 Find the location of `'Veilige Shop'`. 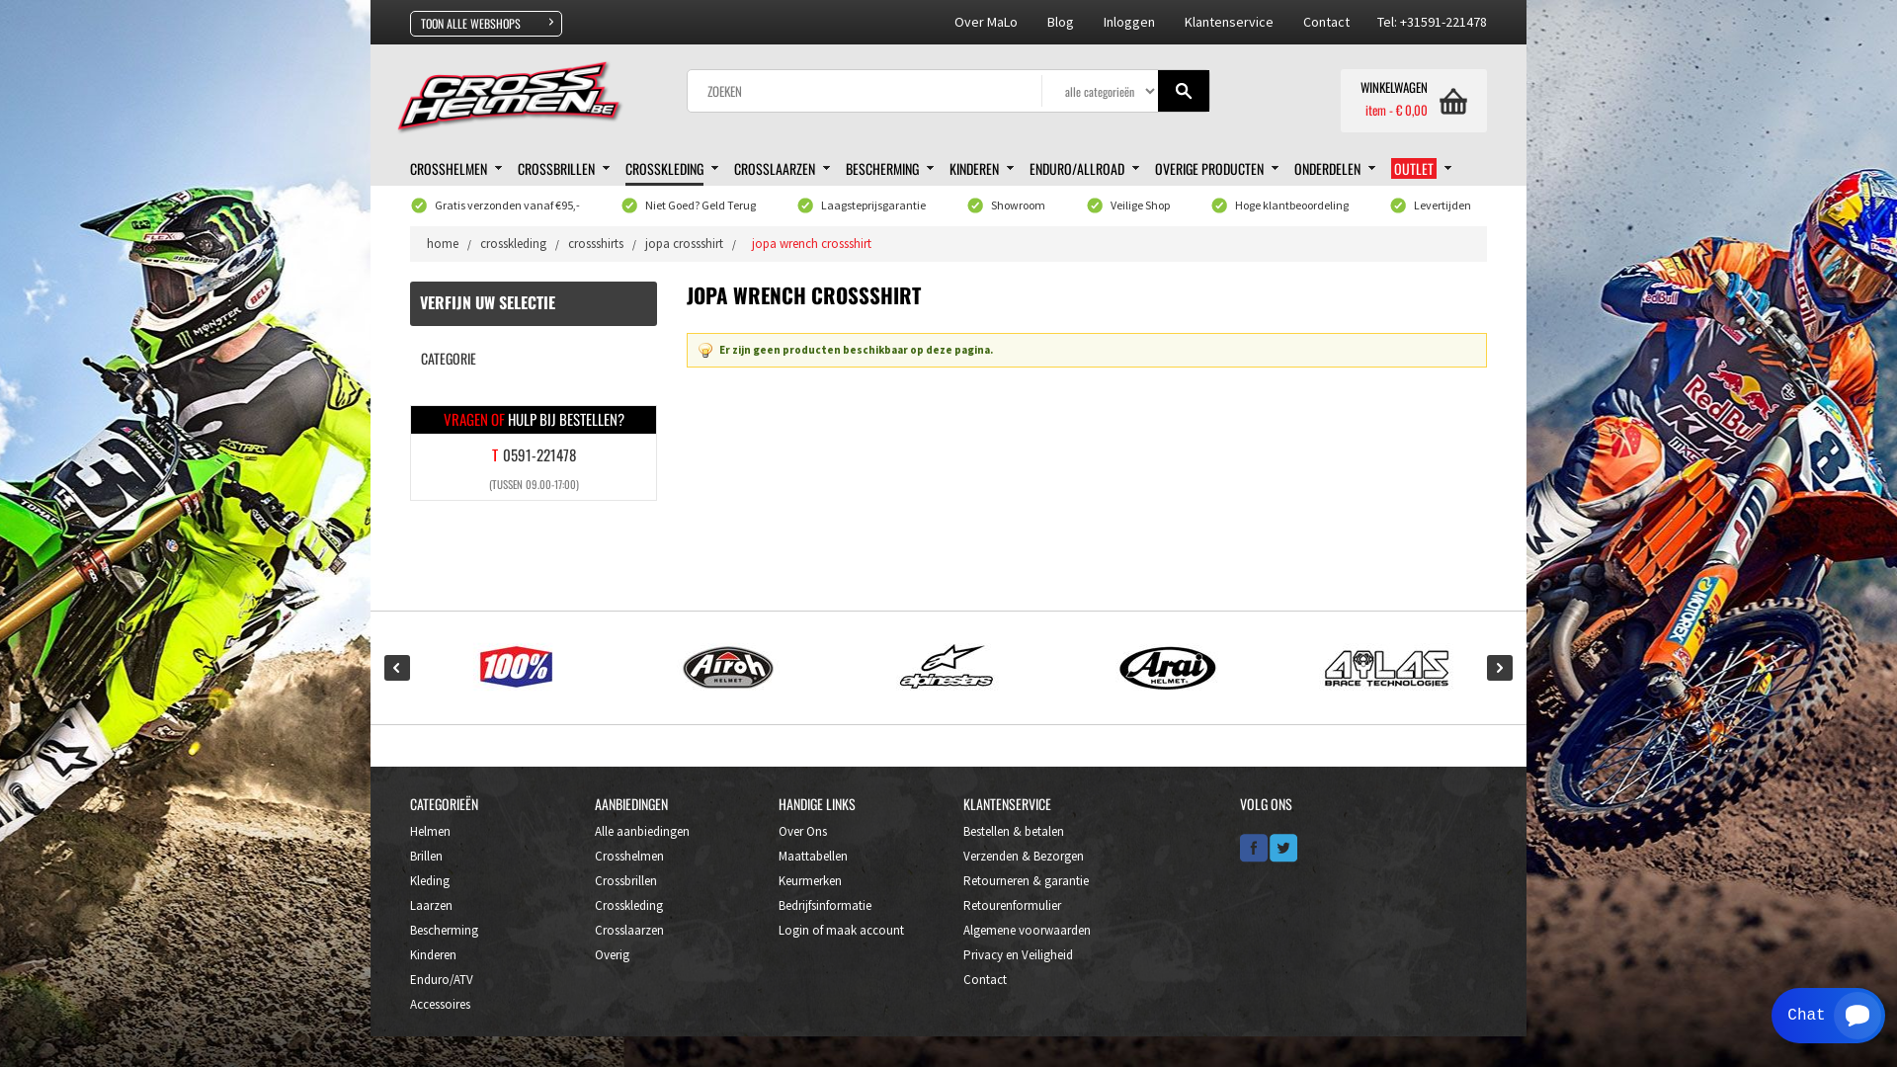

'Veilige Shop' is located at coordinates (1110, 205).